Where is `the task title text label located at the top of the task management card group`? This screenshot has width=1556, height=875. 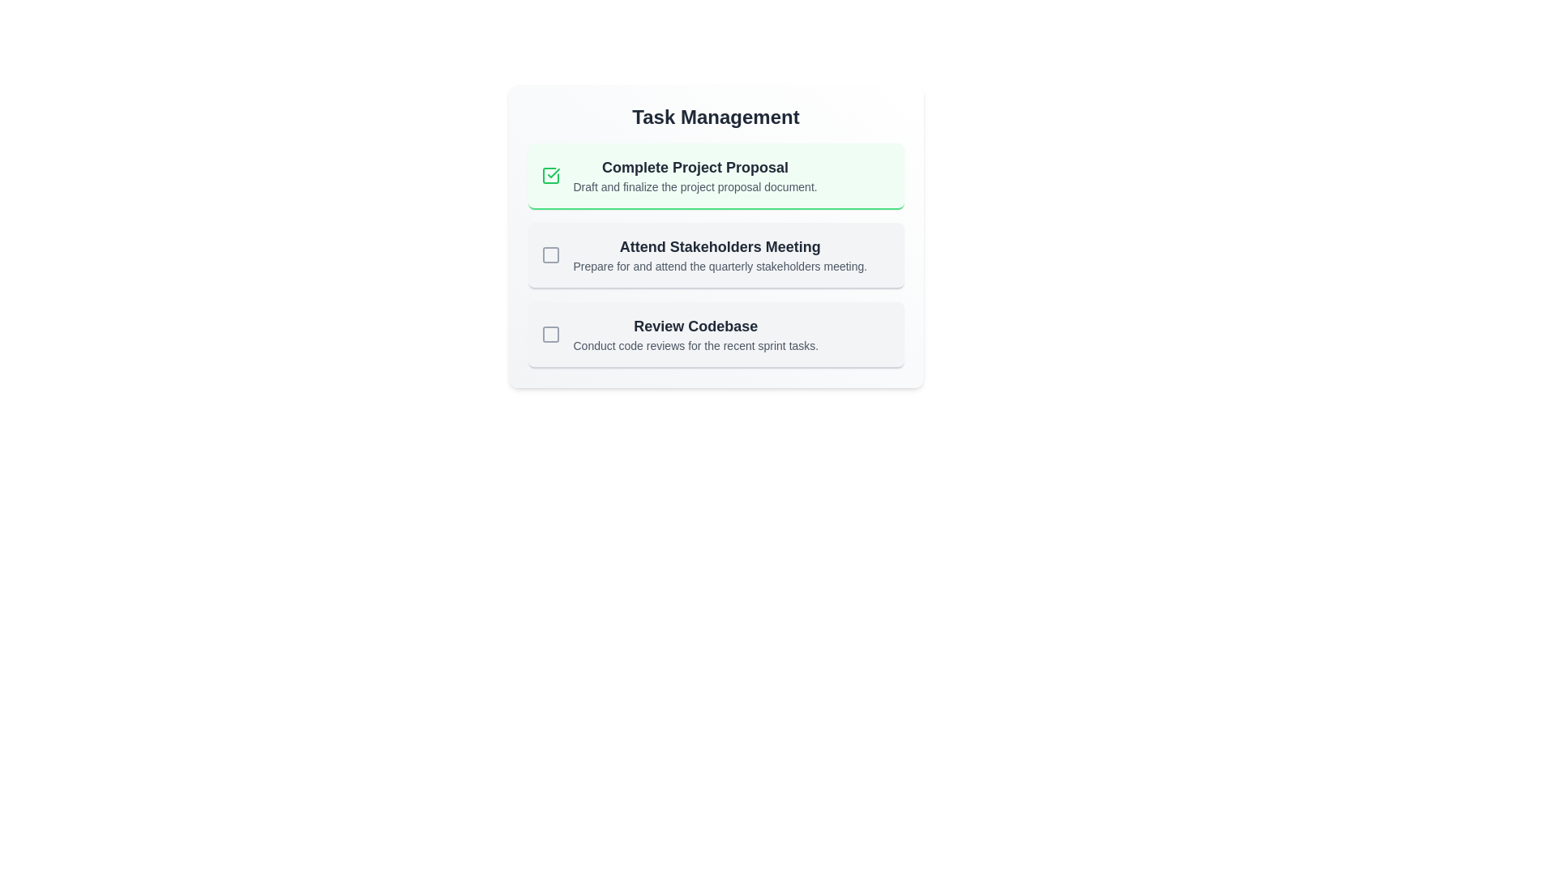 the task title text label located at the top of the task management card group is located at coordinates (695, 168).